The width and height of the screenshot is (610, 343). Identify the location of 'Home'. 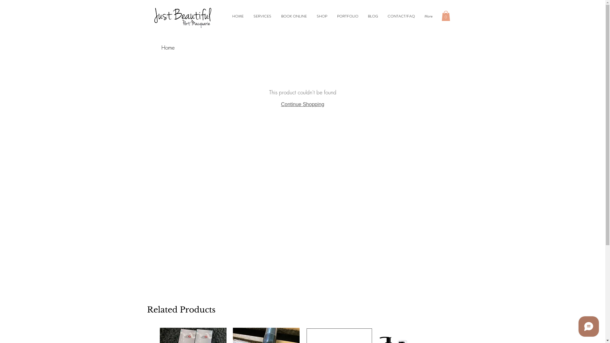
(161, 47).